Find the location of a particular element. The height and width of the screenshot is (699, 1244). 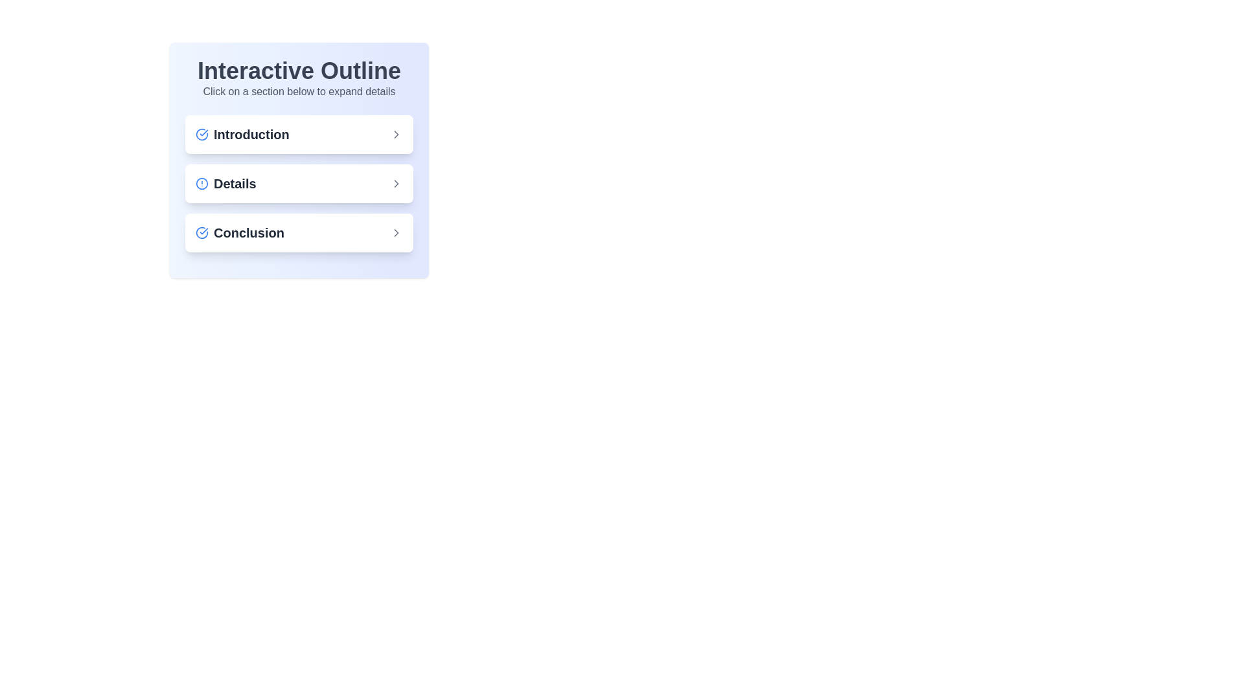

the chevron icon that resembles a right-pointing arrow, styled with a thin, rounded stroke in gray, located at the far right of the 'Introduction' section is located at coordinates (395, 135).